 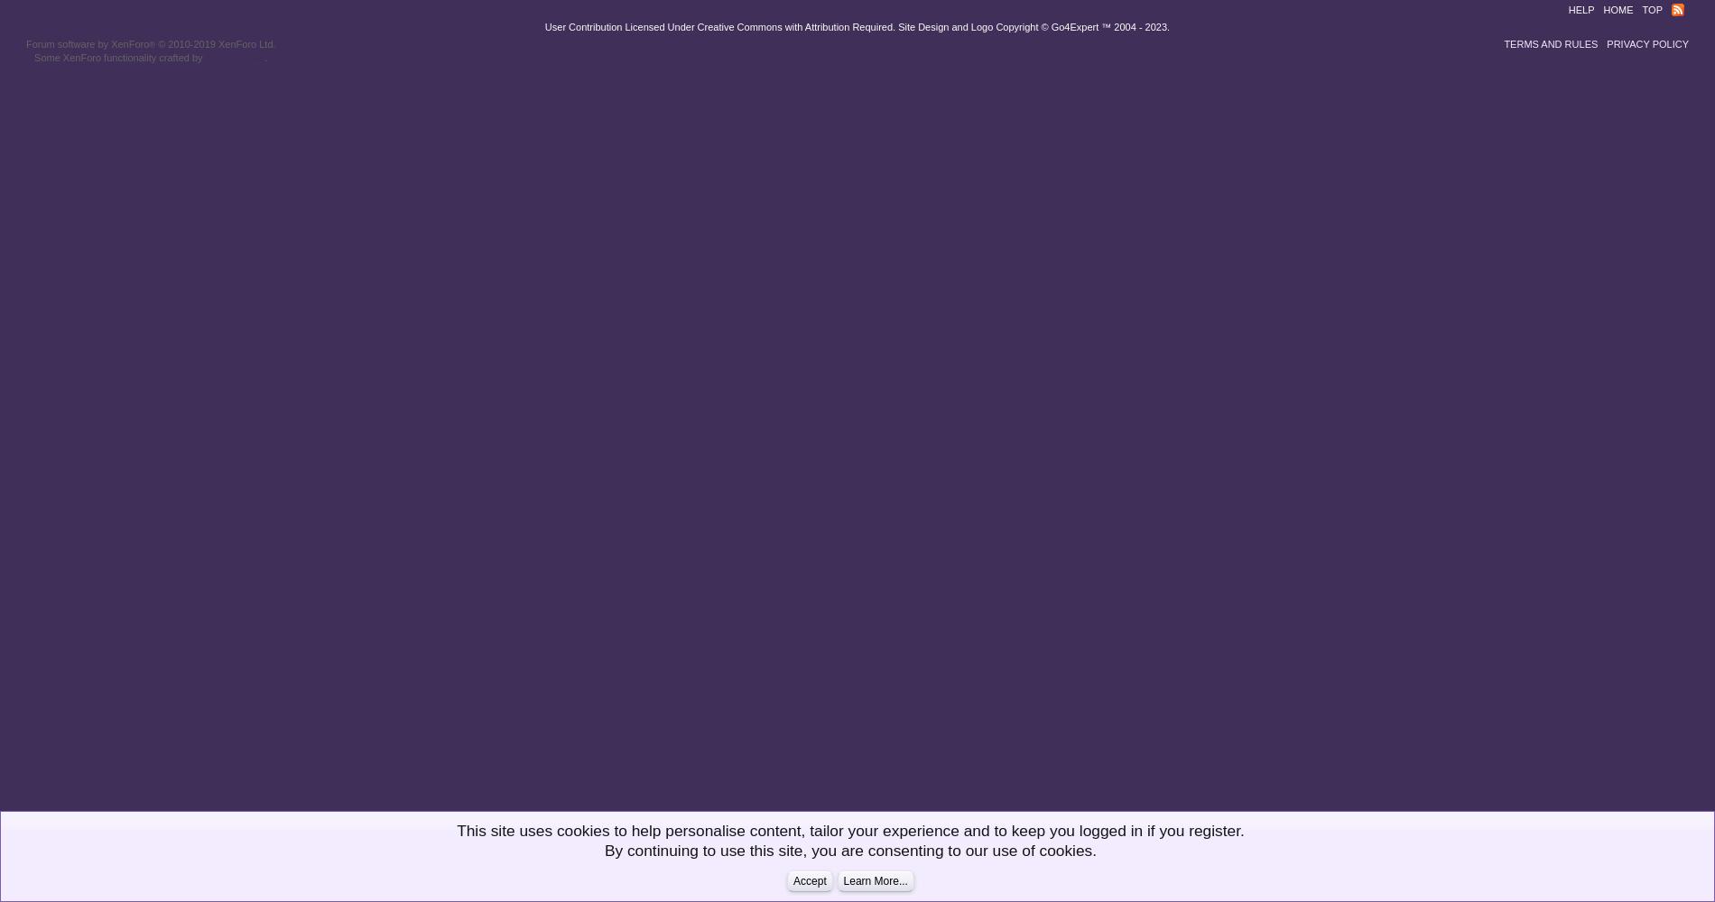 What do you see at coordinates (119, 56) in the screenshot?
I see `'Some XenForo functionality crafted by'` at bounding box center [119, 56].